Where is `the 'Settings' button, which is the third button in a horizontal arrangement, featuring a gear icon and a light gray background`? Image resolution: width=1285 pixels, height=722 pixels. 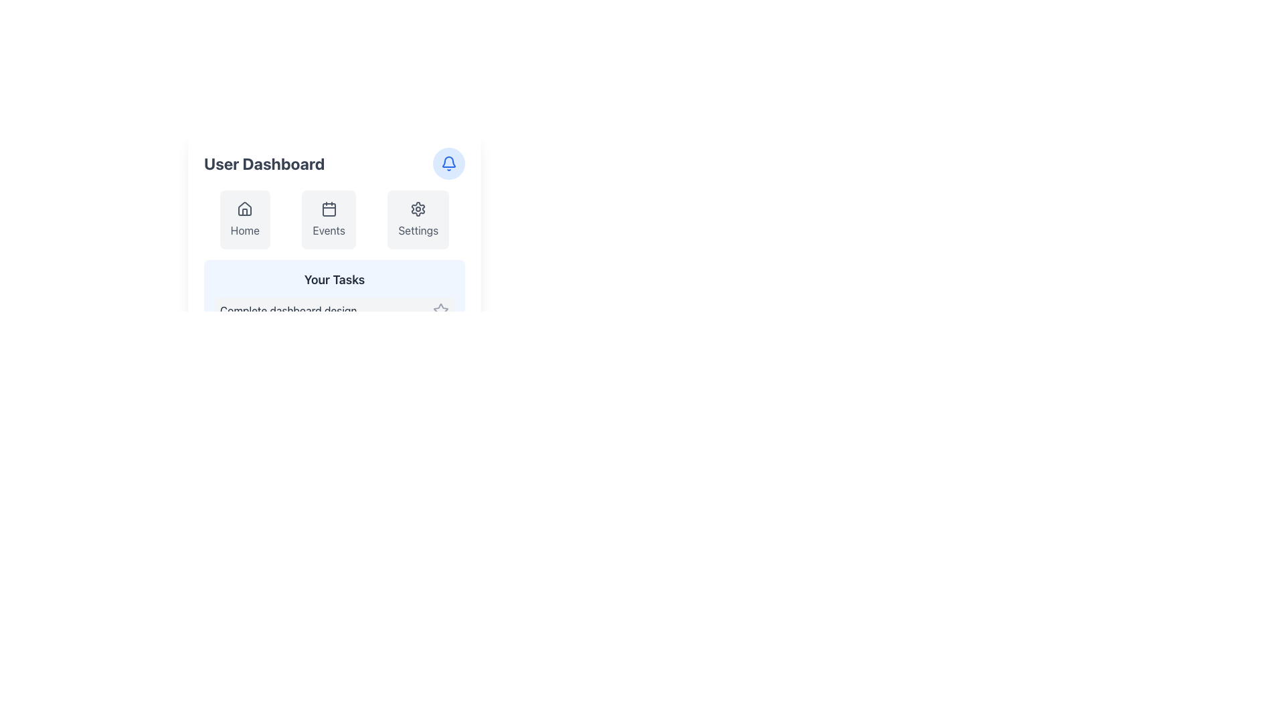 the 'Settings' button, which is the third button in a horizontal arrangement, featuring a gear icon and a light gray background is located at coordinates (418, 219).